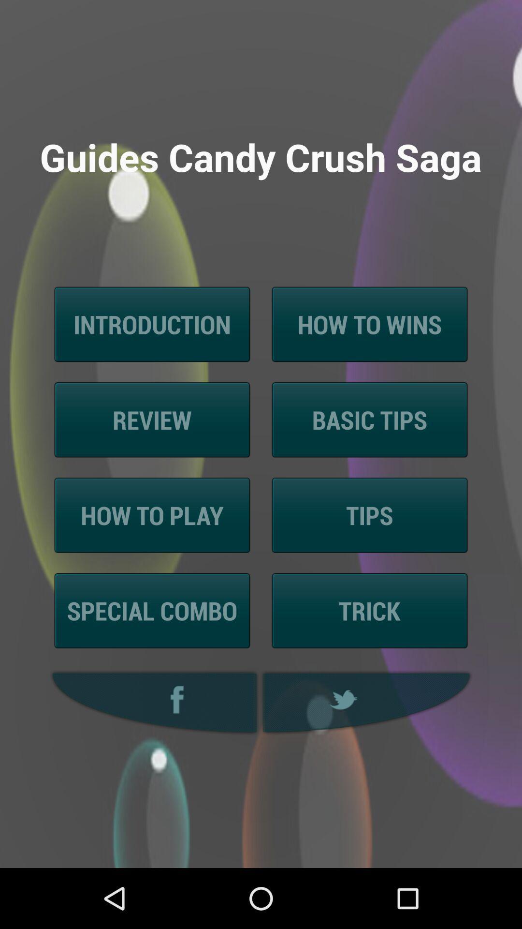 This screenshot has width=522, height=929. Describe the element at coordinates (369, 420) in the screenshot. I see `the icon to the right of the review` at that location.